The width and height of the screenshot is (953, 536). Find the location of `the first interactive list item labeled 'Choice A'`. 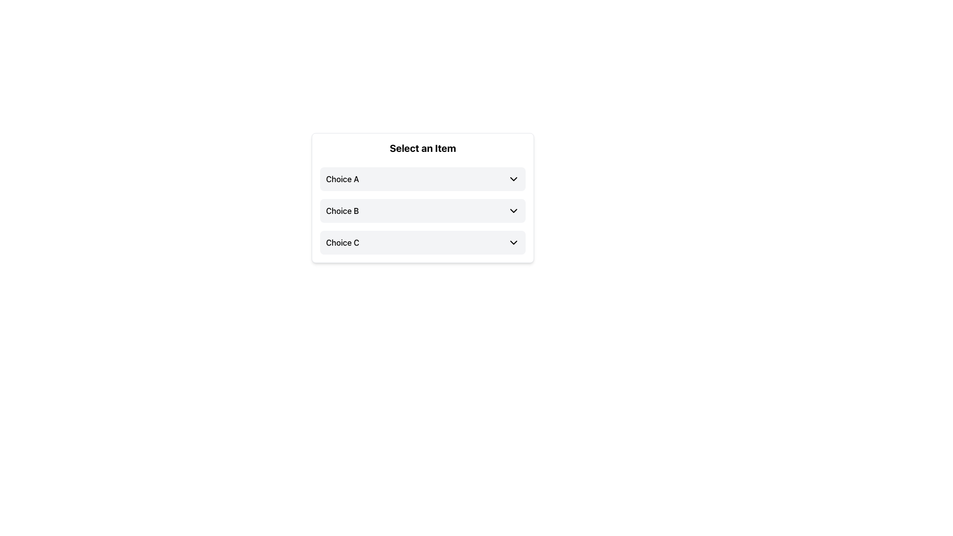

the first interactive list item labeled 'Choice A' is located at coordinates (422, 179).